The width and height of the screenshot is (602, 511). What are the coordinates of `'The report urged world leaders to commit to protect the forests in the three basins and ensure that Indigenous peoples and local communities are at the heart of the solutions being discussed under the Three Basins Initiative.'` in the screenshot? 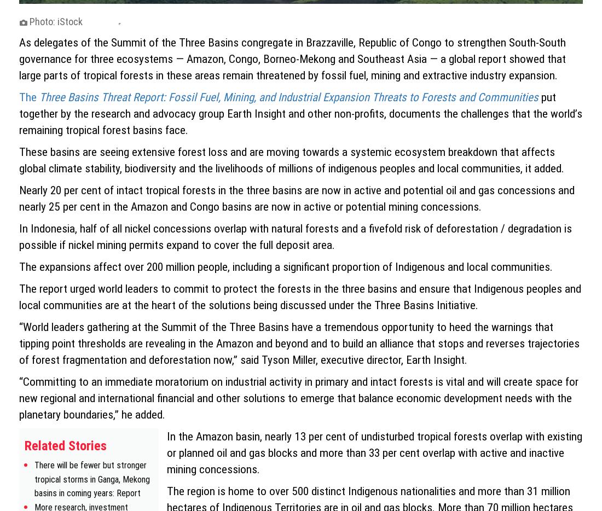 It's located at (300, 297).